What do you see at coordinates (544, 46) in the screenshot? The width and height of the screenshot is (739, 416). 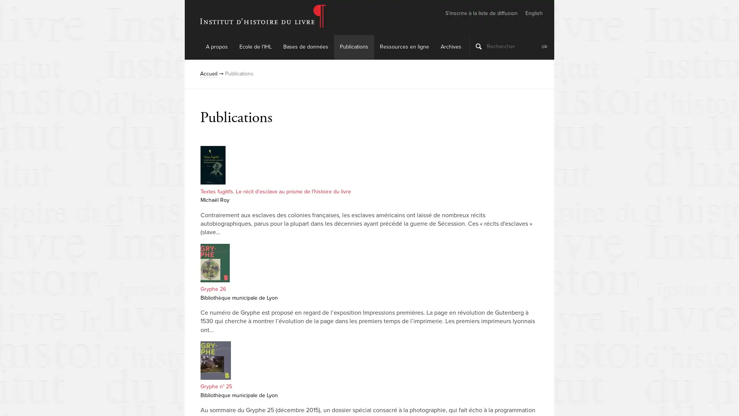 I see `ok` at bounding box center [544, 46].